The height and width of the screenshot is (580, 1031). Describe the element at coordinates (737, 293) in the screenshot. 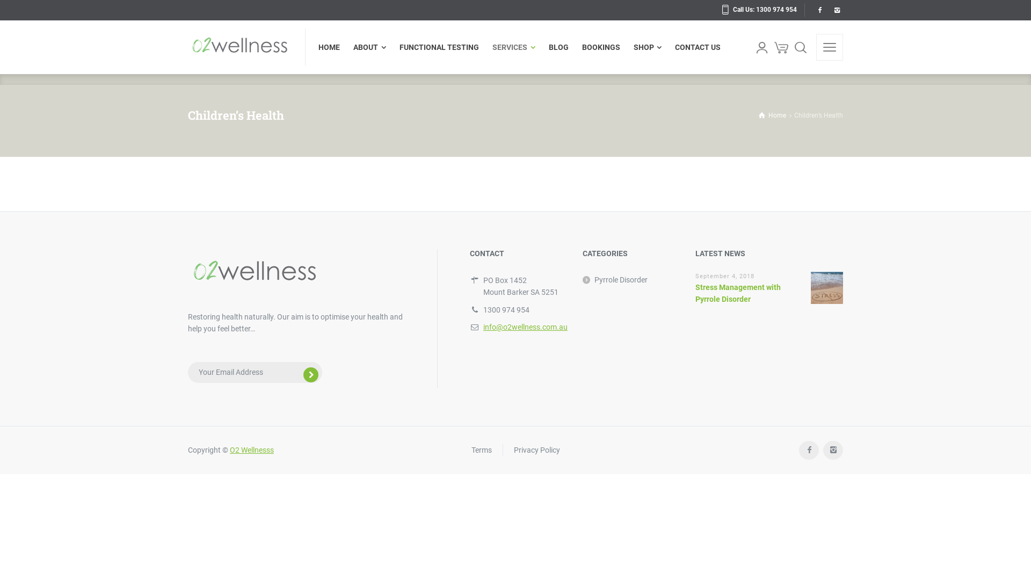

I see `'Stress Management with Pyrrole Disorder'` at that location.